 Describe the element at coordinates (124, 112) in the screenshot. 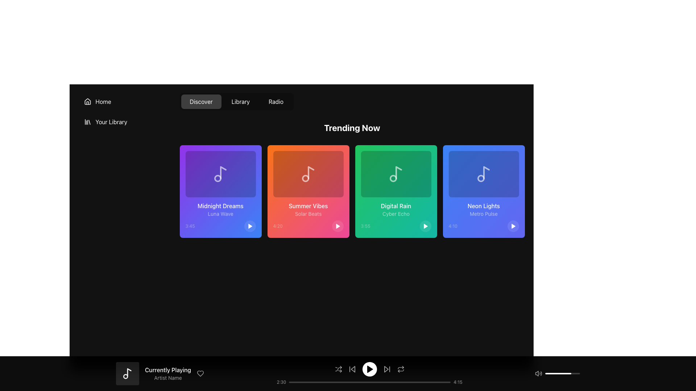

I see `the 'Home' or 'Your Library' section of the Navigation Menu located at the top left of the interface` at that location.